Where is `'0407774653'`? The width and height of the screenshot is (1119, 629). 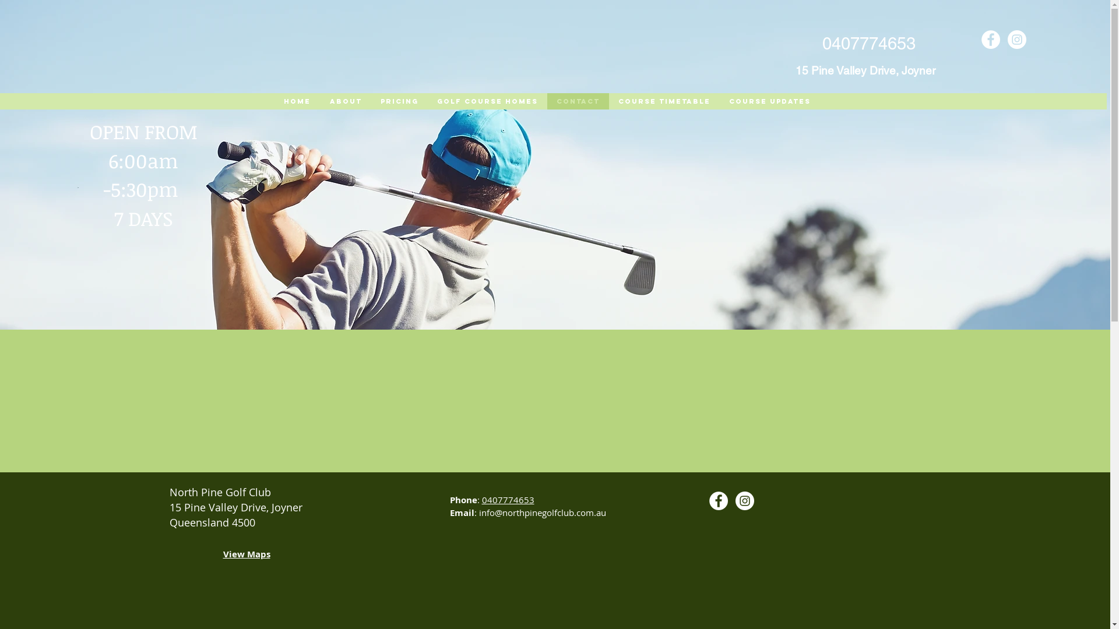
'0407774653' is located at coordinates (507, 499).